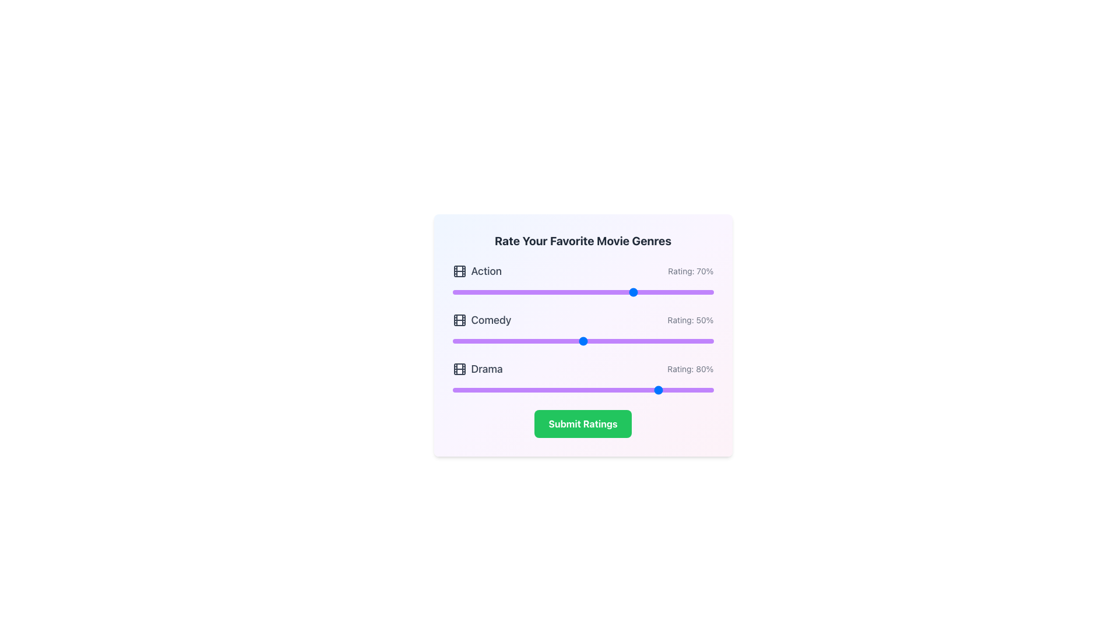 Image resolution: width=1119 pixels, height=629 pixels. Describe the element at coordinates (481, 320) in the screenshot. I see `text label indicating the genre 'Comedy', which is positioned below the 'Action' label and above the 'Drama' label in the movie genres list` at that location.